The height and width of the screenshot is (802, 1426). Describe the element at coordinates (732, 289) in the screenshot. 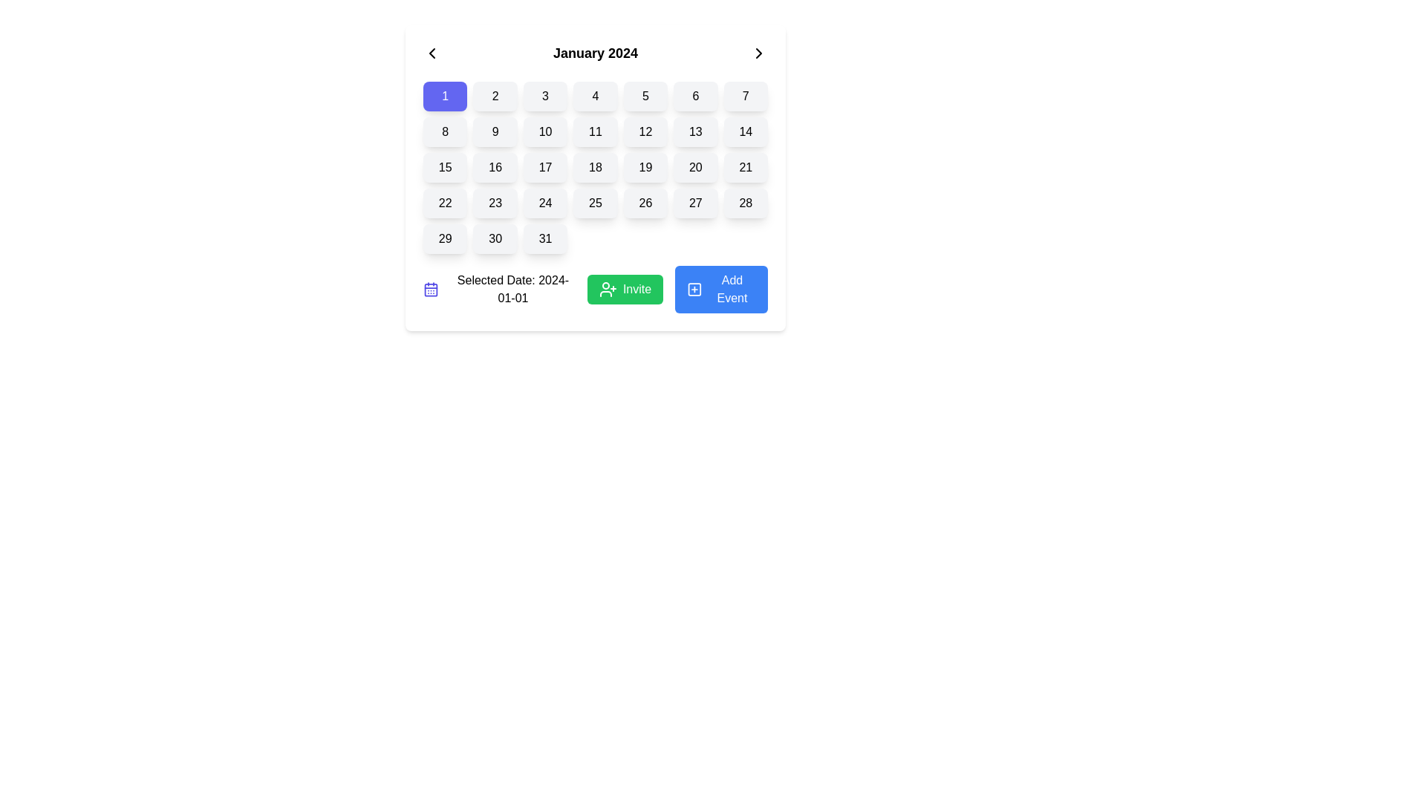

I see `the 'Add Event' text label located on the button at the bottom-right of the calendar widget, which indicates the action to add a new event` at that location.